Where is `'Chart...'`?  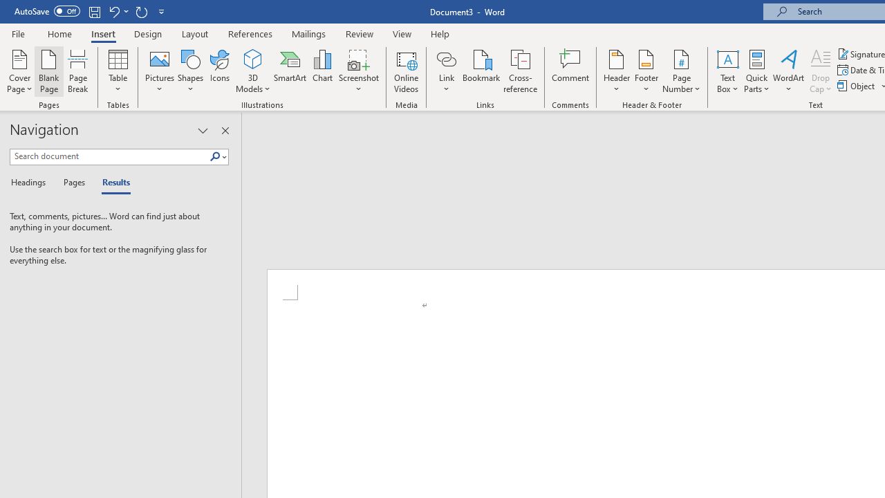
'Chart...' is located at coordinates (322, 71).